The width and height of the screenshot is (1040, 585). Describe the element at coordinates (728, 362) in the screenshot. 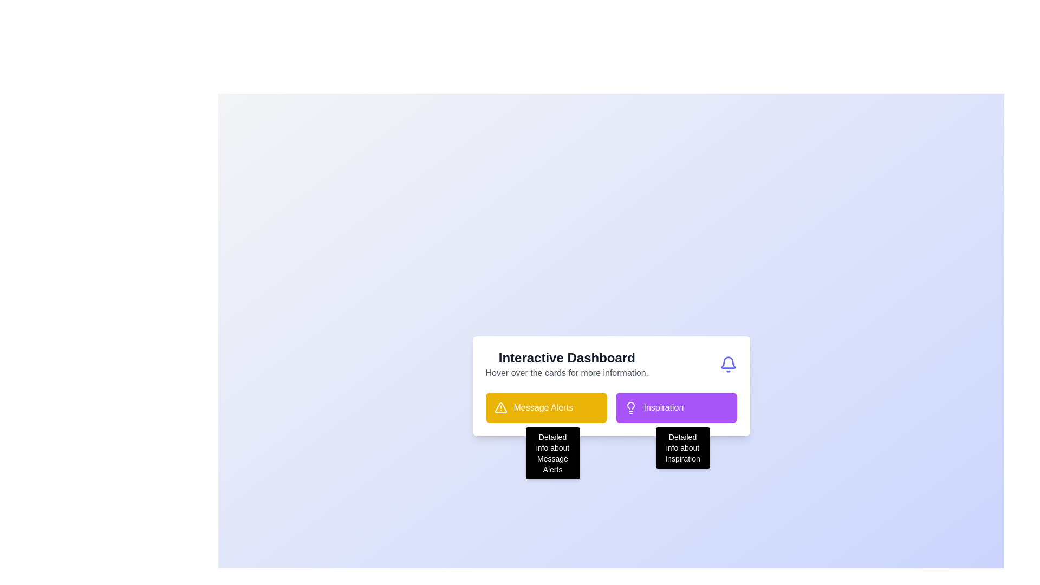

I see `the upper portion of the bell icon, which is part of an SVG illustration and represents the inner detailing of the bell shape` at that location.